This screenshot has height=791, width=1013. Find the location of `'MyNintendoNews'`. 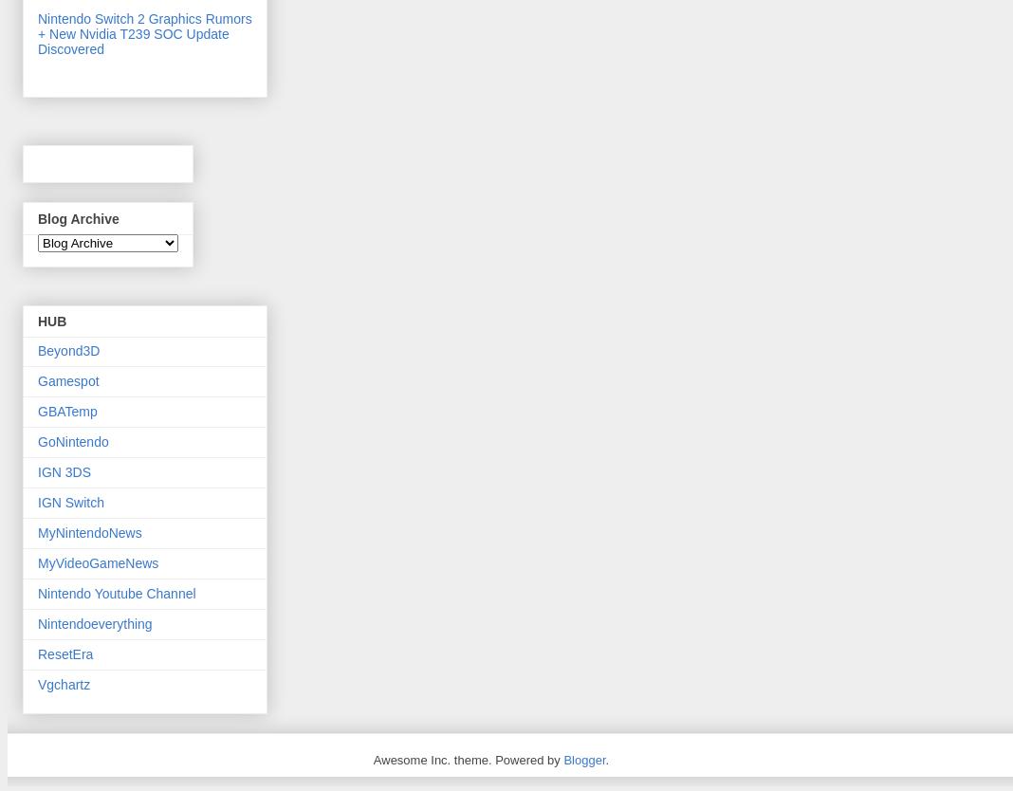

'MyNintendoNews' is located at coordinates (37, 532).